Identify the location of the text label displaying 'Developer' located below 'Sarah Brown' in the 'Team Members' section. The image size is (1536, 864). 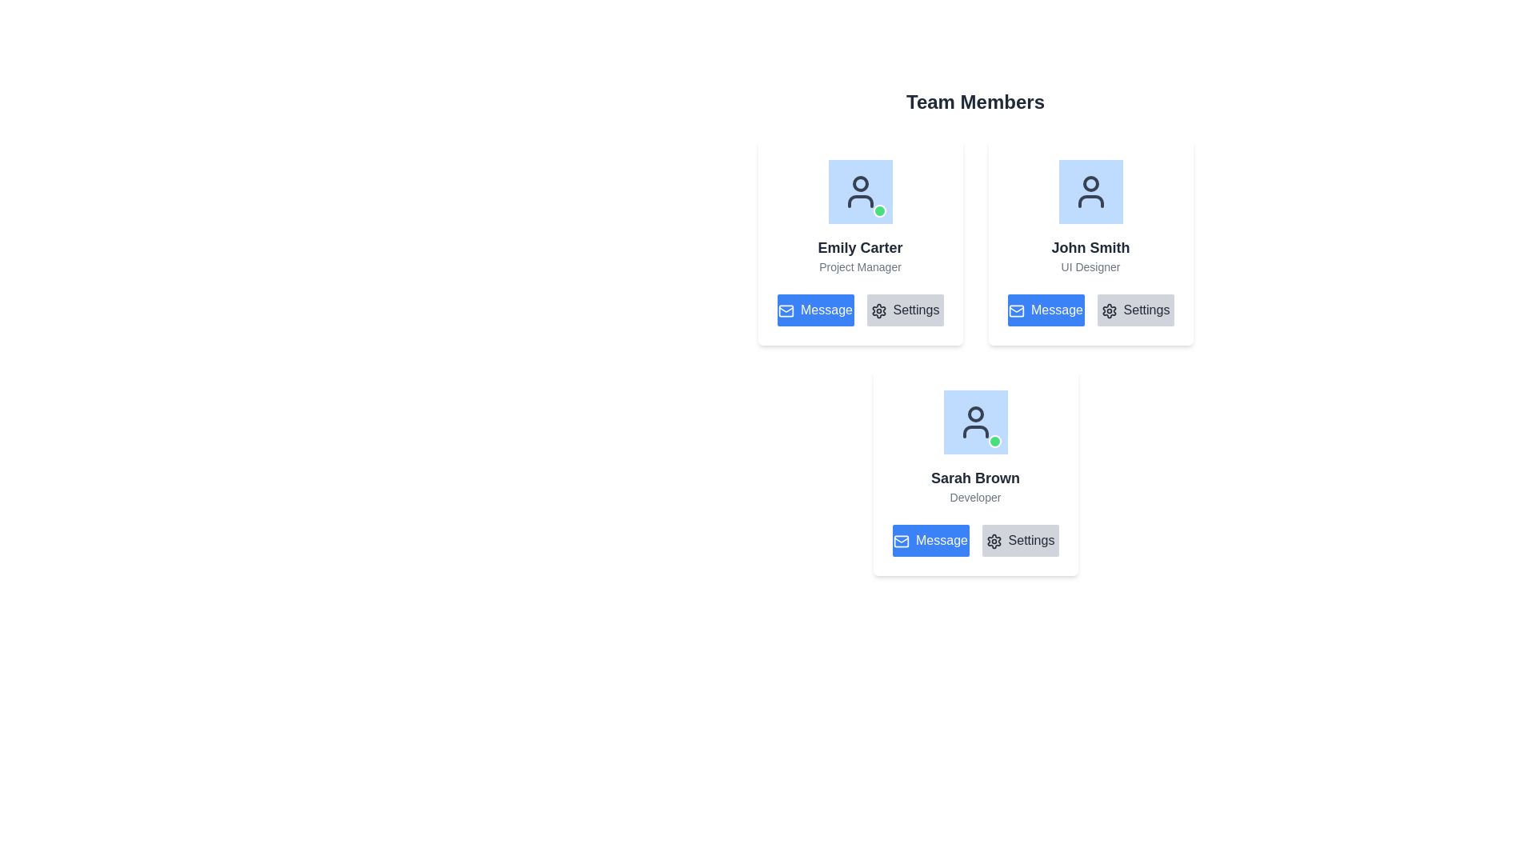
(974, 496).